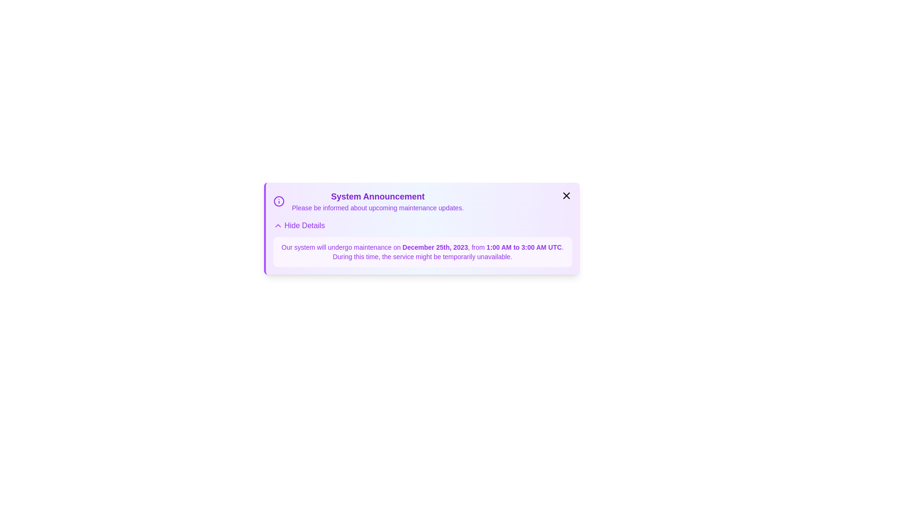 The height and width of the screenshot is (507, 902). I want to click on the Notification box that informs users about planned system maintenance, so click(421, 228).